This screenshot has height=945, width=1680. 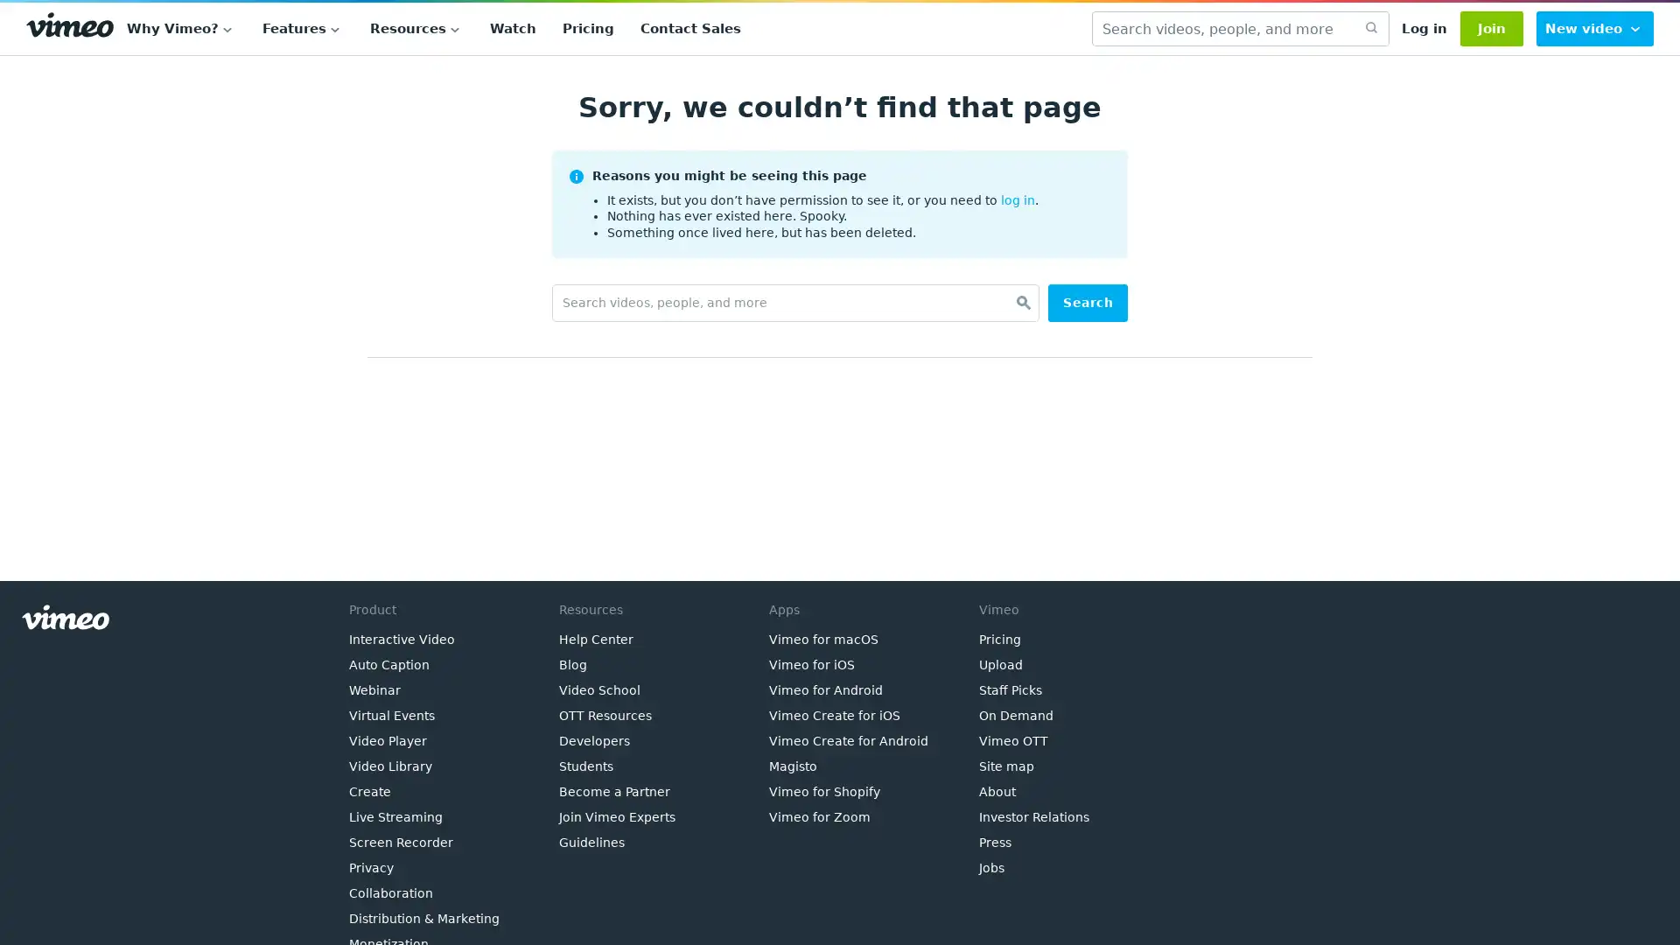 What do you see at coordinates (303, 29) in the screenshot?
I see `Features` at bounding box center [303, 29].